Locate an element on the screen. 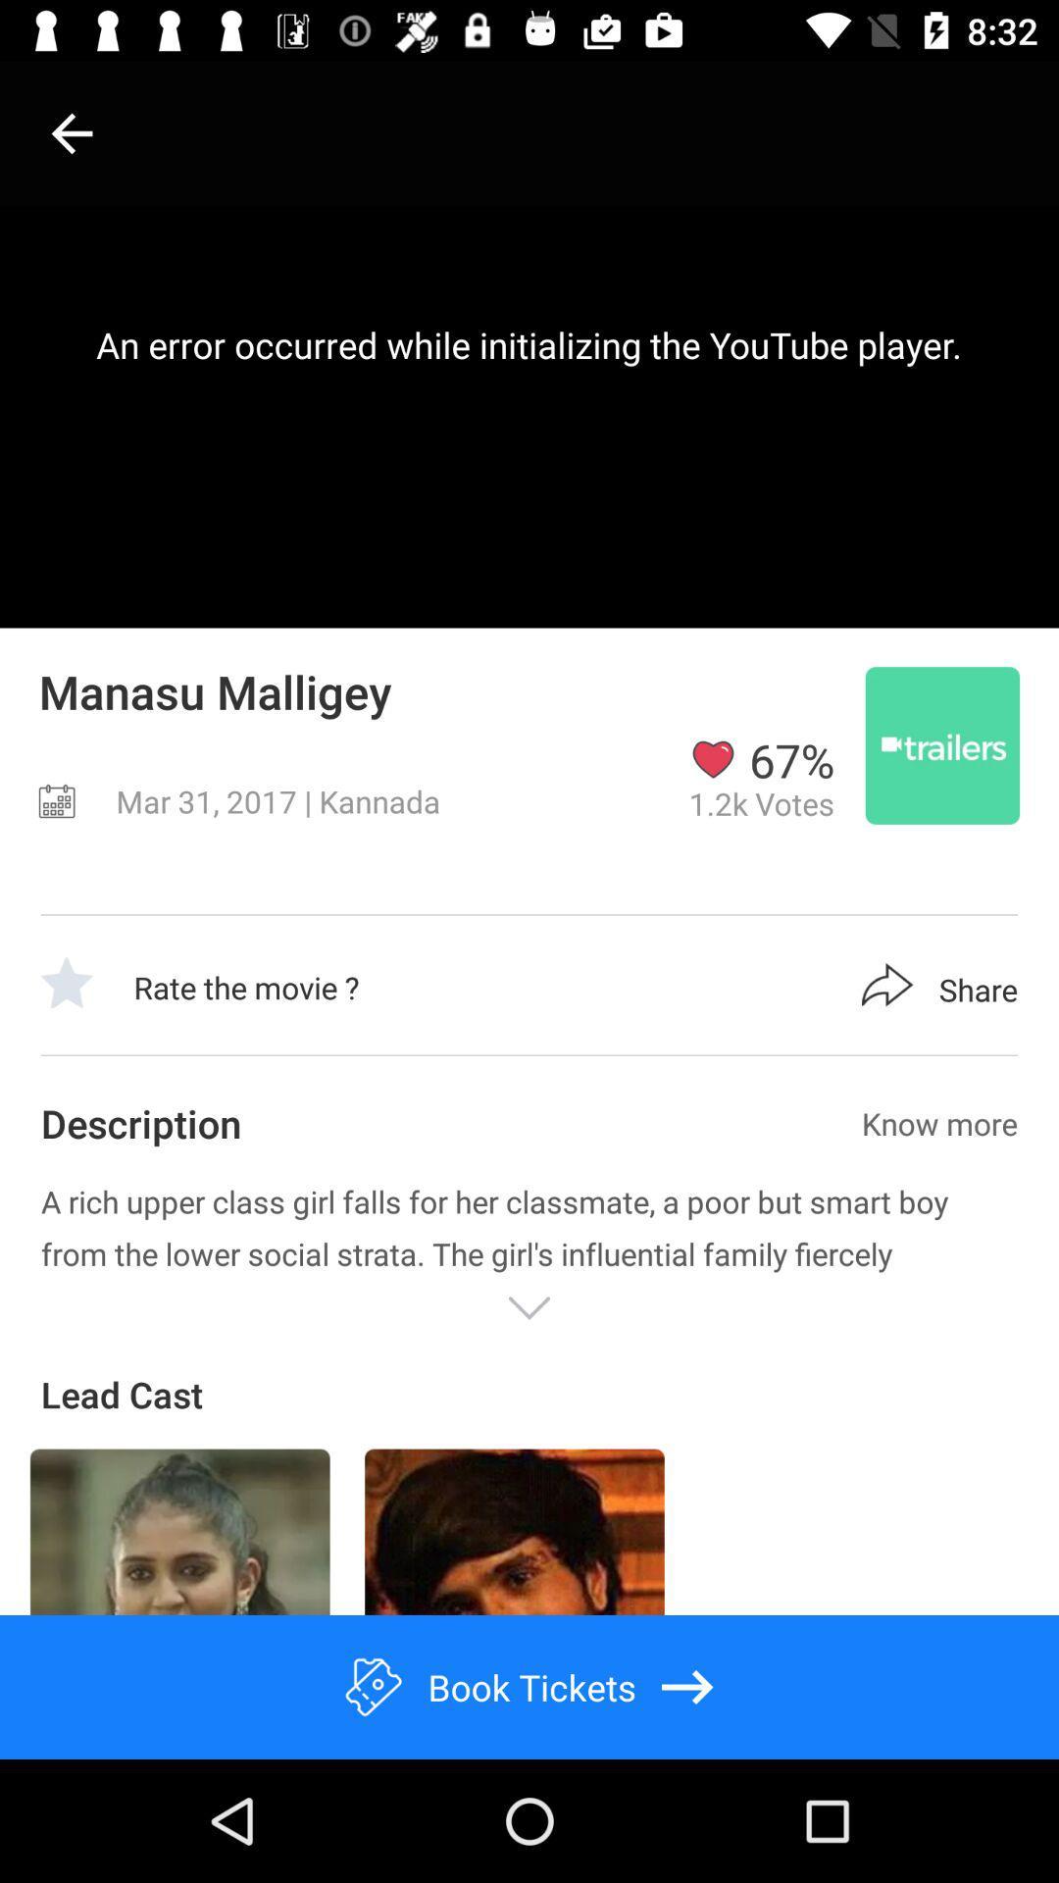 The width and height of the screenshot is (1059, 1883). down arrow is located at coordinates (529, 1308).